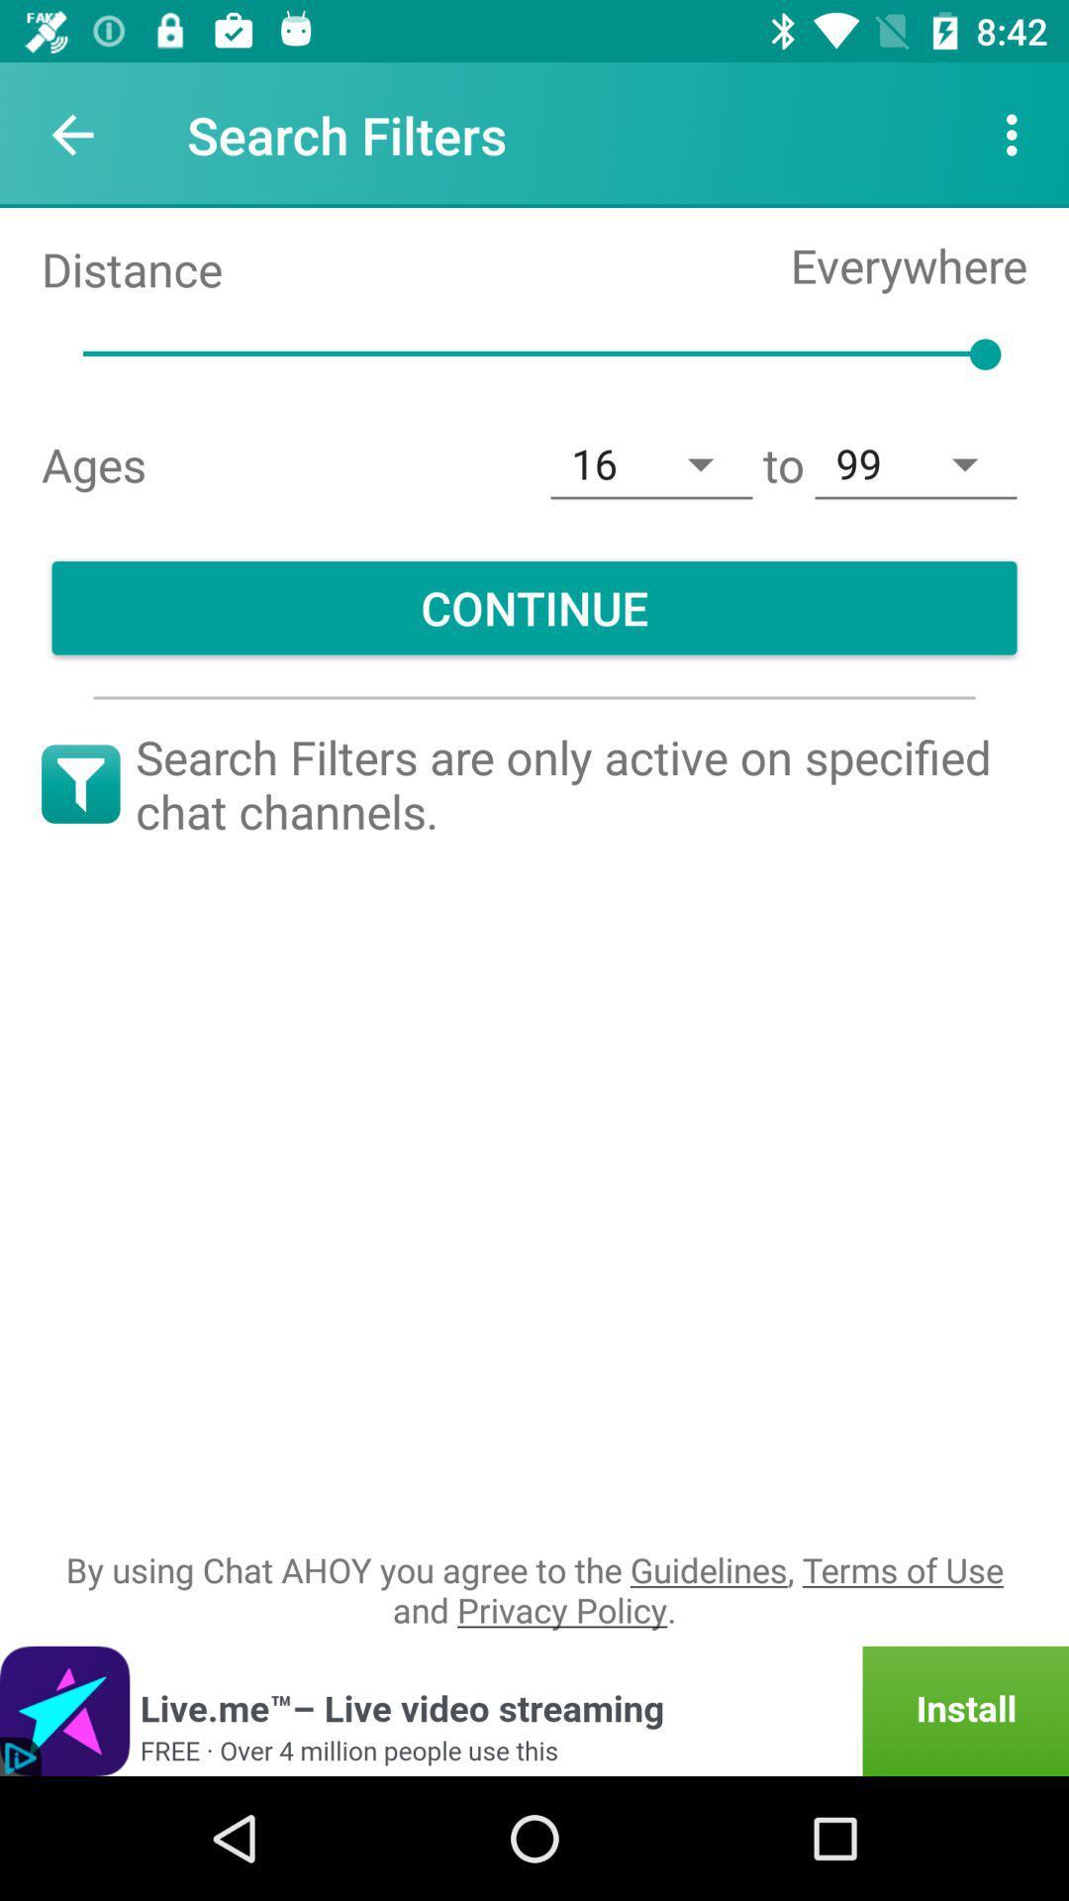 The width and height of the screenshot is (1069, 1901). What do you see at coordinates (534, 1589) in the screenshot?
I see `item below the search filters are` at bounding box center [534, 1589].